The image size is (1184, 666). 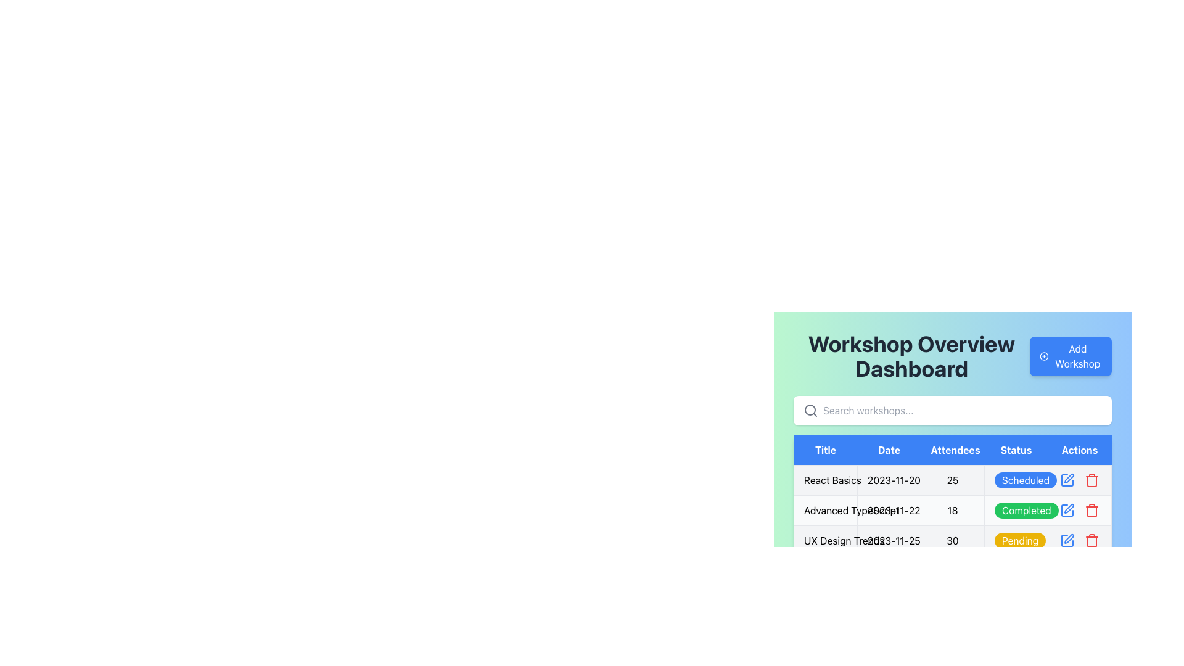 I want to click on the central circular shape of the magnifying glass icon located to the left of the 'Search workshops...' placeholder text in the search bar below the 'Workshop Overview Dashboard' header, so click(x=810, y=409).